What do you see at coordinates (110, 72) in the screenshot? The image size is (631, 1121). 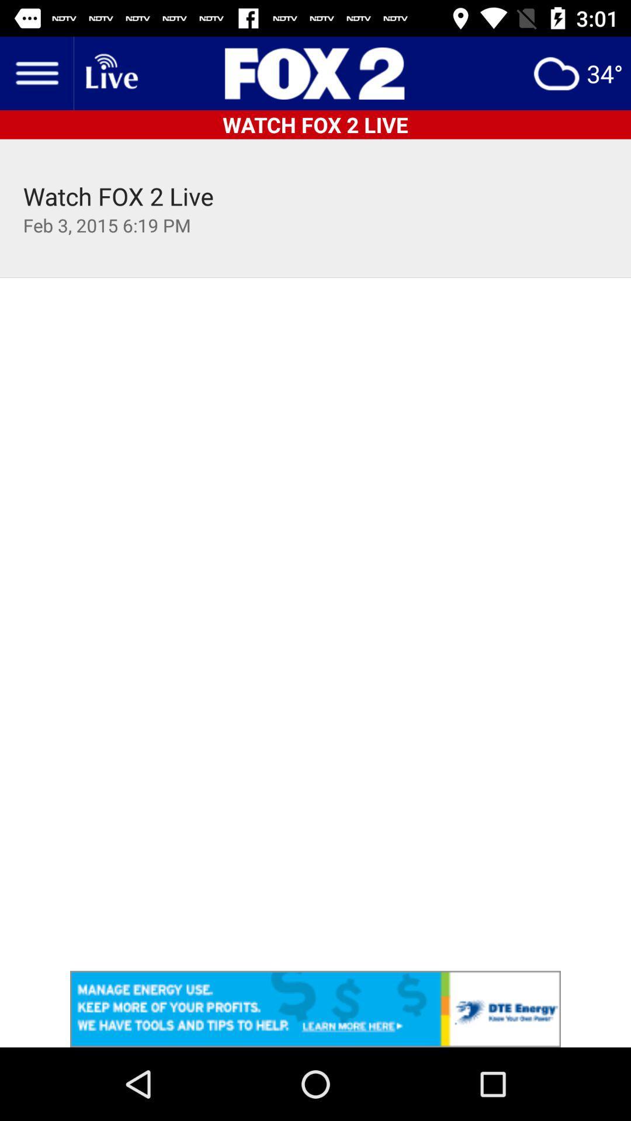 I see `the text just before the header` at bounding box center [110, 72].